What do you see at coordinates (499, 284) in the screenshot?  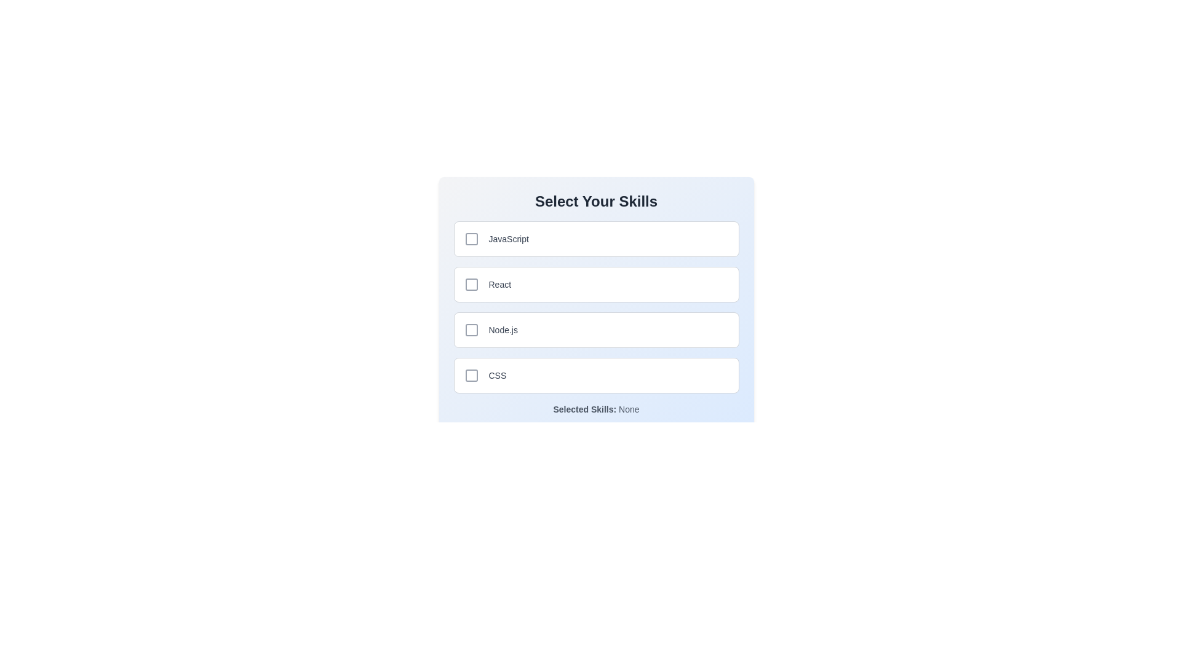 I see `text label 'React' located in the second option of the interactive list under the header 'Select Your Skills', positioned next to a checkbox` at bounding box center [499, 284].